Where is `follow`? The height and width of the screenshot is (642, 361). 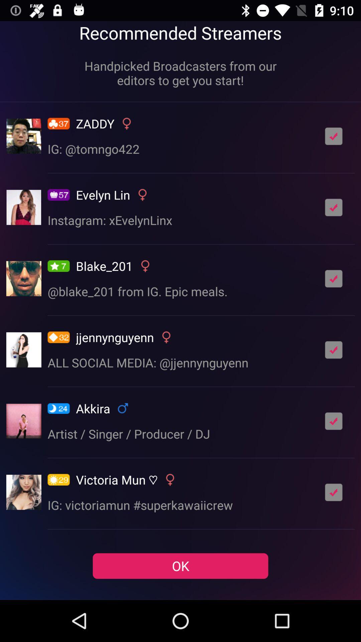
follow is located at coordinates (334, 136).